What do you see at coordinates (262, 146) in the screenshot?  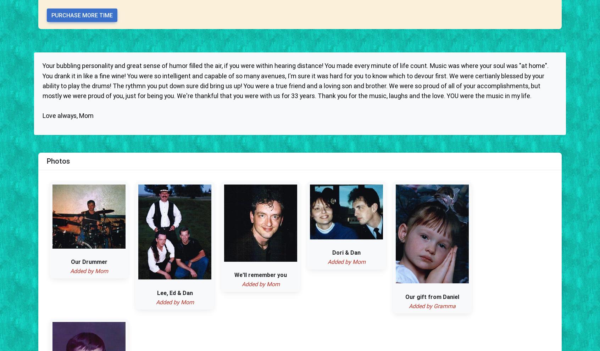 I see `'Keyholders®'` at bounding box center [262, 146].